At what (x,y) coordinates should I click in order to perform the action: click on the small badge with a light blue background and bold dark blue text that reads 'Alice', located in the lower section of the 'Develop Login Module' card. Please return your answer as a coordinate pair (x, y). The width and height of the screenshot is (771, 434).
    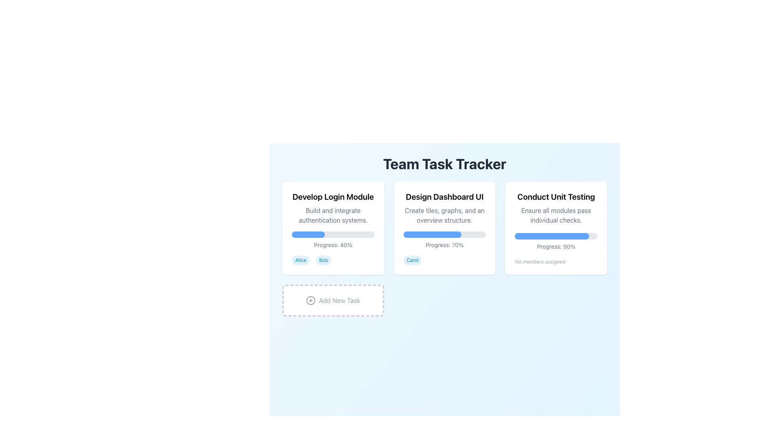
    Looking at the image, I should click on (300, 260).